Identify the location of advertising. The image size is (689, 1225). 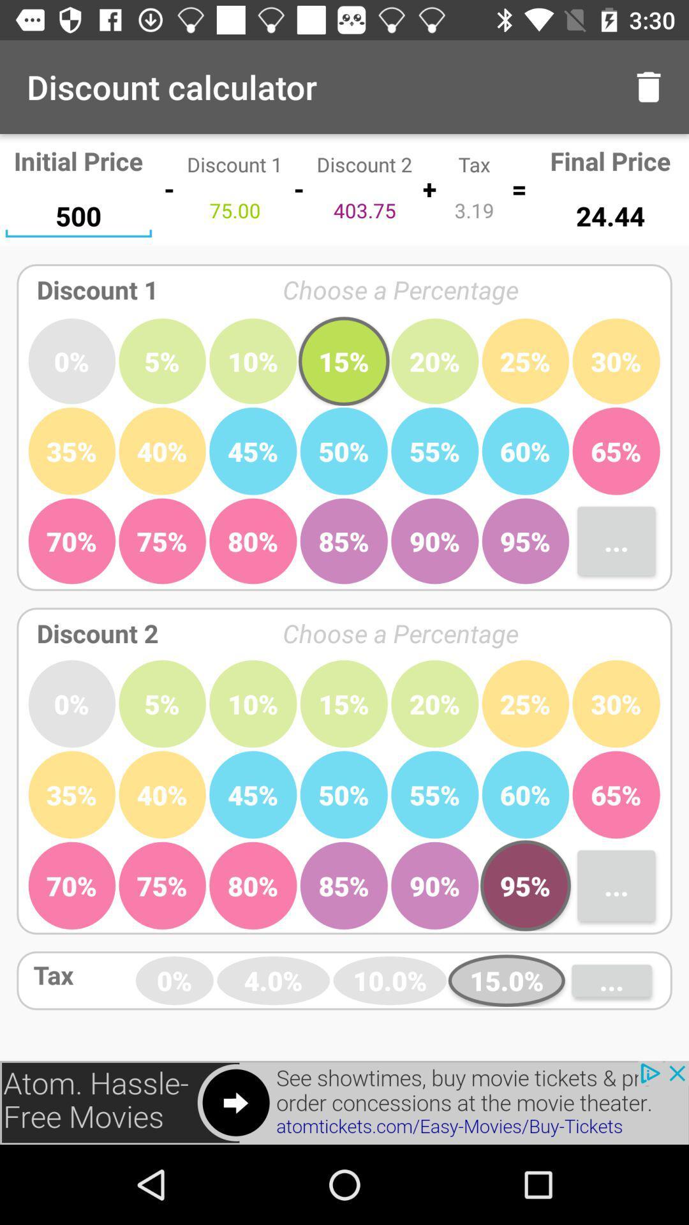
(344, 1102).